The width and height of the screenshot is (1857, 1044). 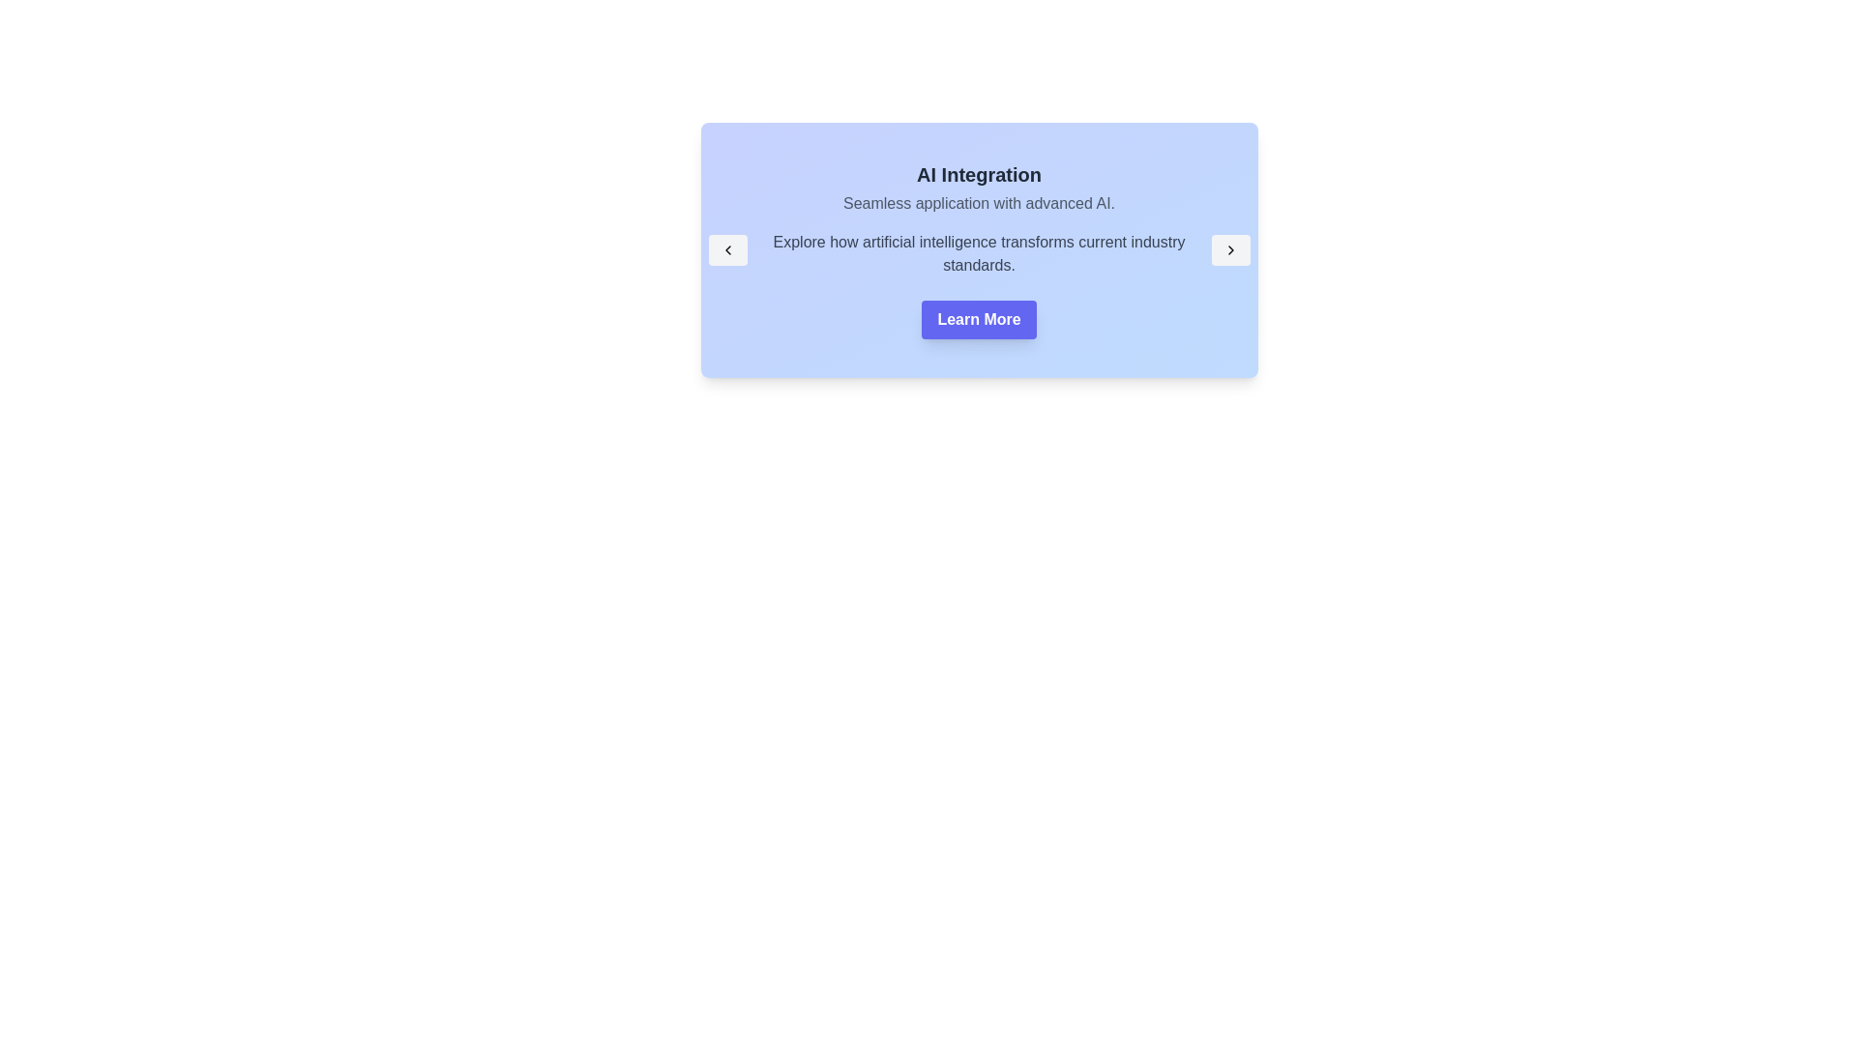 I want to click on the navigational button with an icon embedded, so click(x=726, y=248).